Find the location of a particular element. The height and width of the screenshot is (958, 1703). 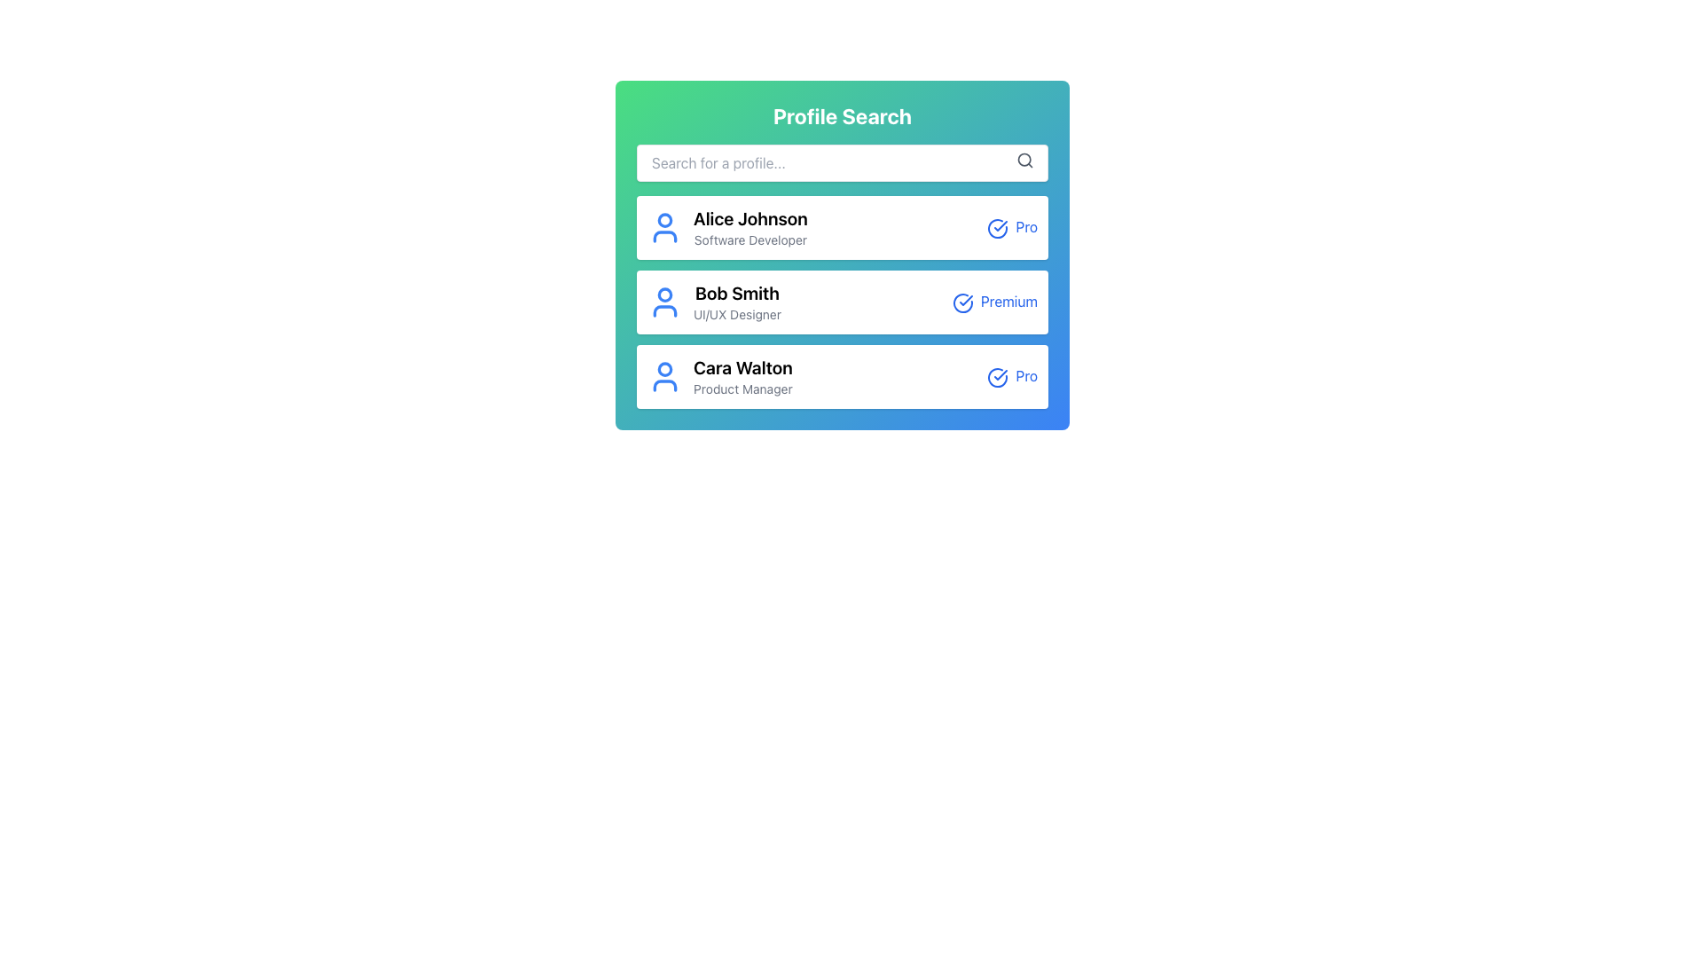

the Text Label that describes the job title 'Product Manager' for the individual 'Cara Walton', located in the third profile card is located at coordinates (742, 389).